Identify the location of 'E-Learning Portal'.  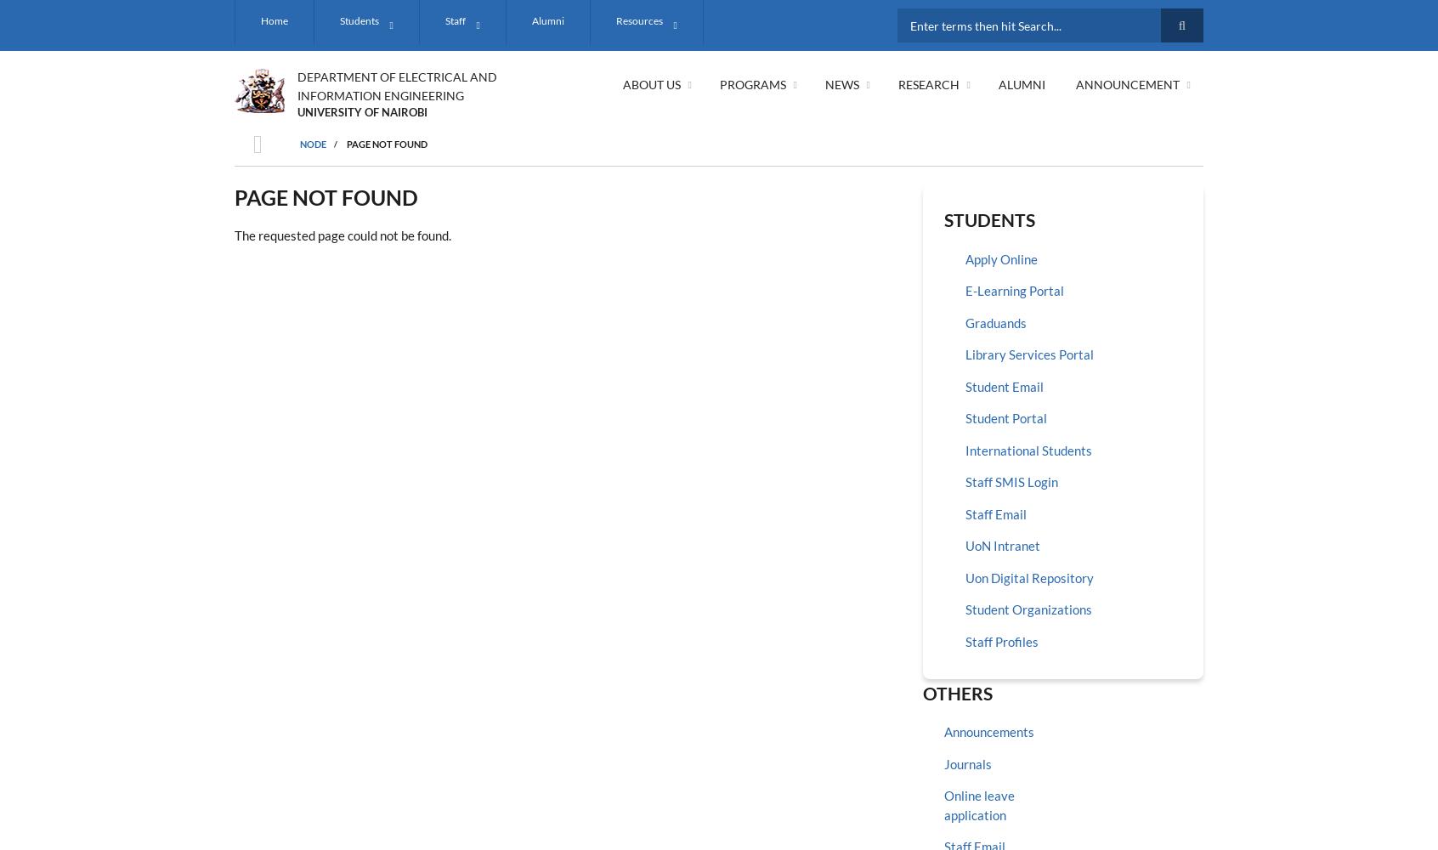
(1014, 290).